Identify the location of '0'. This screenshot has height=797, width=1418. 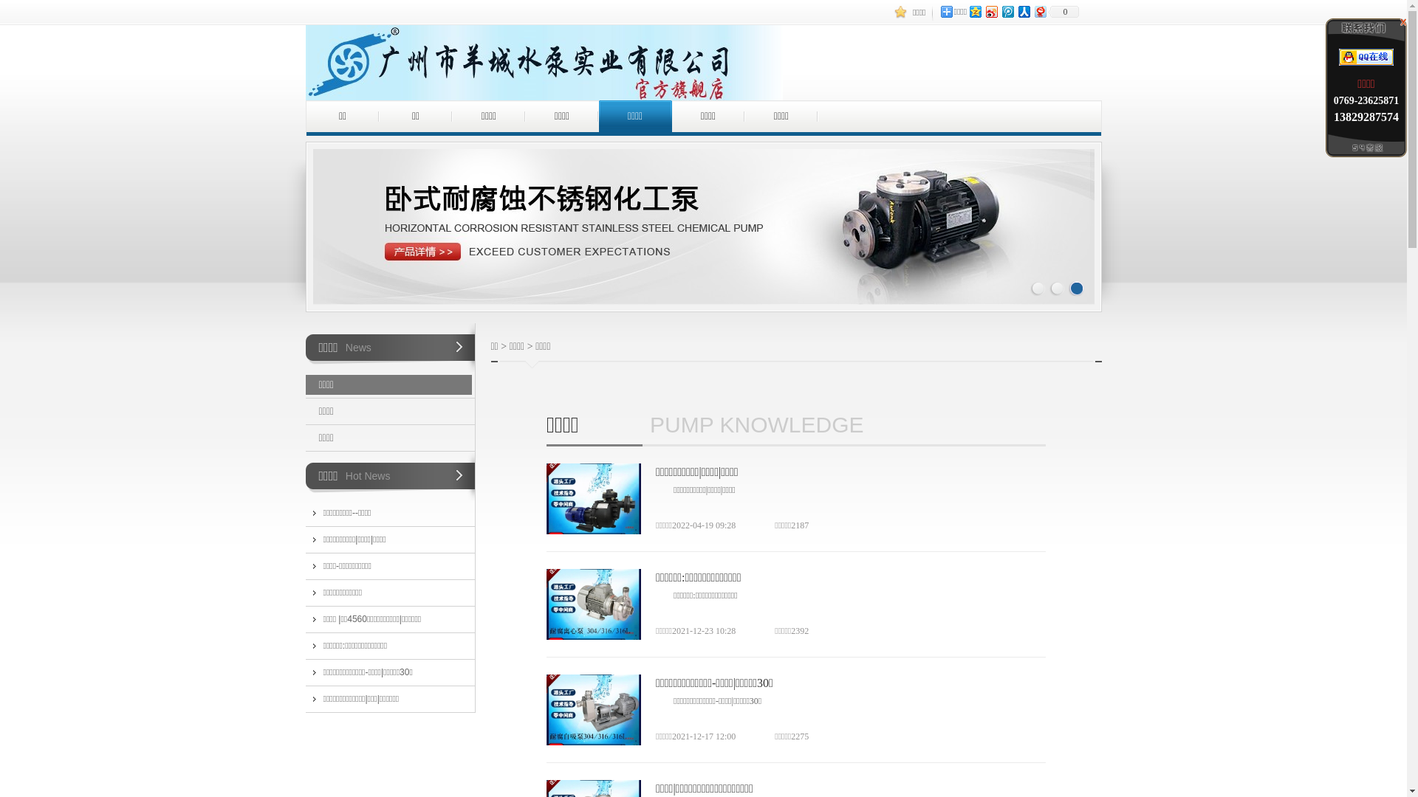
(1063, 11).